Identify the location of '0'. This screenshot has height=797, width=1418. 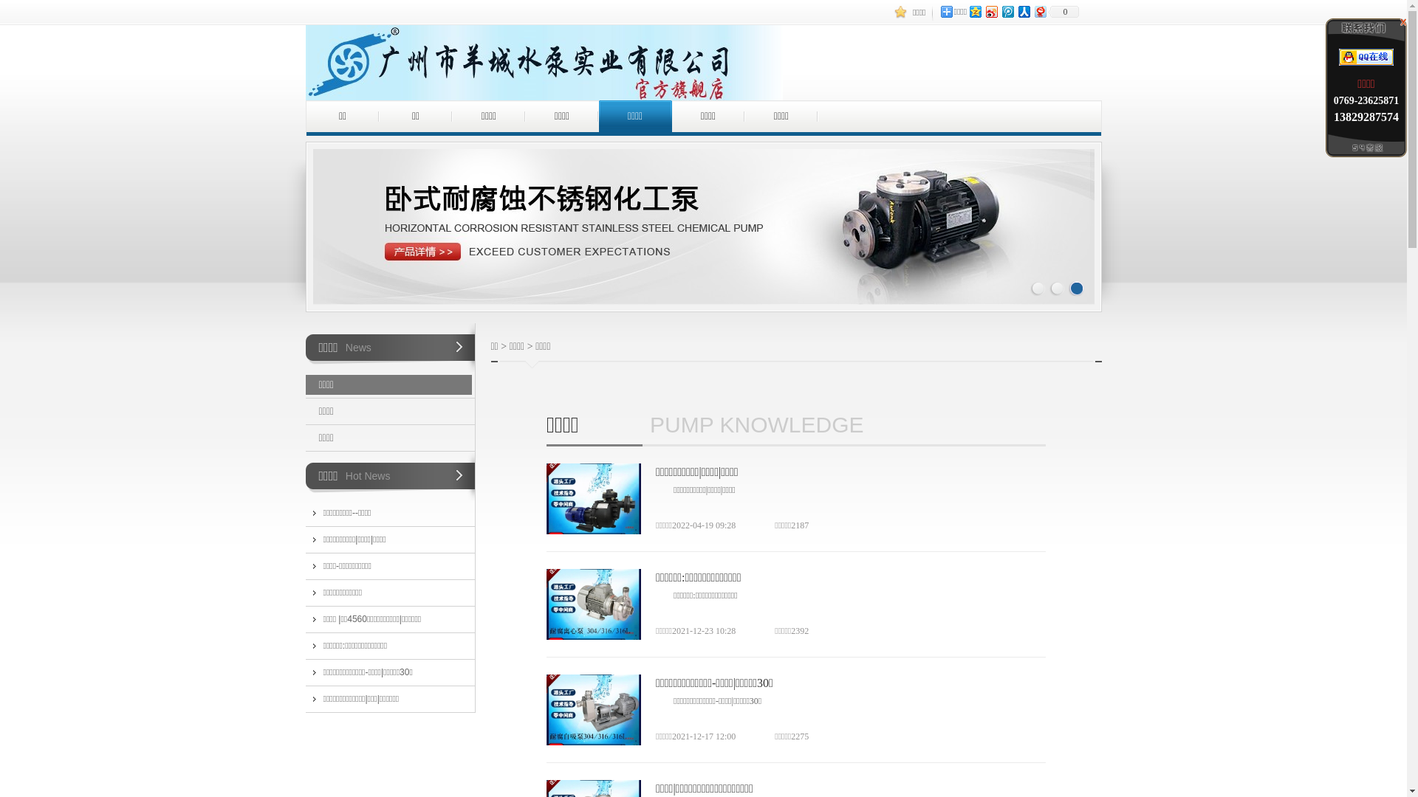
(1063, 11).